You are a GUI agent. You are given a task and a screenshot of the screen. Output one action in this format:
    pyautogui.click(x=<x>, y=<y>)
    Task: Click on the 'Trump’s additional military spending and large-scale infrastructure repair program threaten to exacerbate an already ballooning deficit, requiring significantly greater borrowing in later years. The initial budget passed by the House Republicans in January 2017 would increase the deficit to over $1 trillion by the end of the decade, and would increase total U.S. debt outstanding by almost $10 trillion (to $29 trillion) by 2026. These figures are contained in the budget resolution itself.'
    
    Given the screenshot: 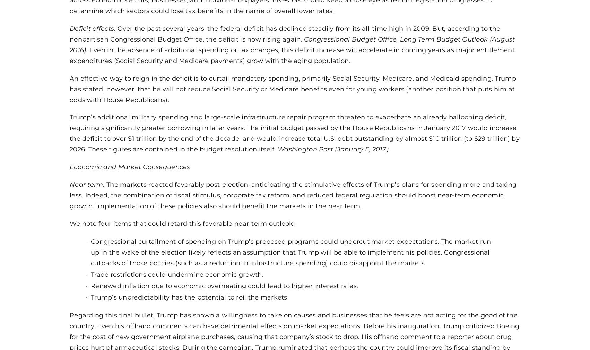 What is the action you would take?
    pyautogui.click(x=294, y=133)
    